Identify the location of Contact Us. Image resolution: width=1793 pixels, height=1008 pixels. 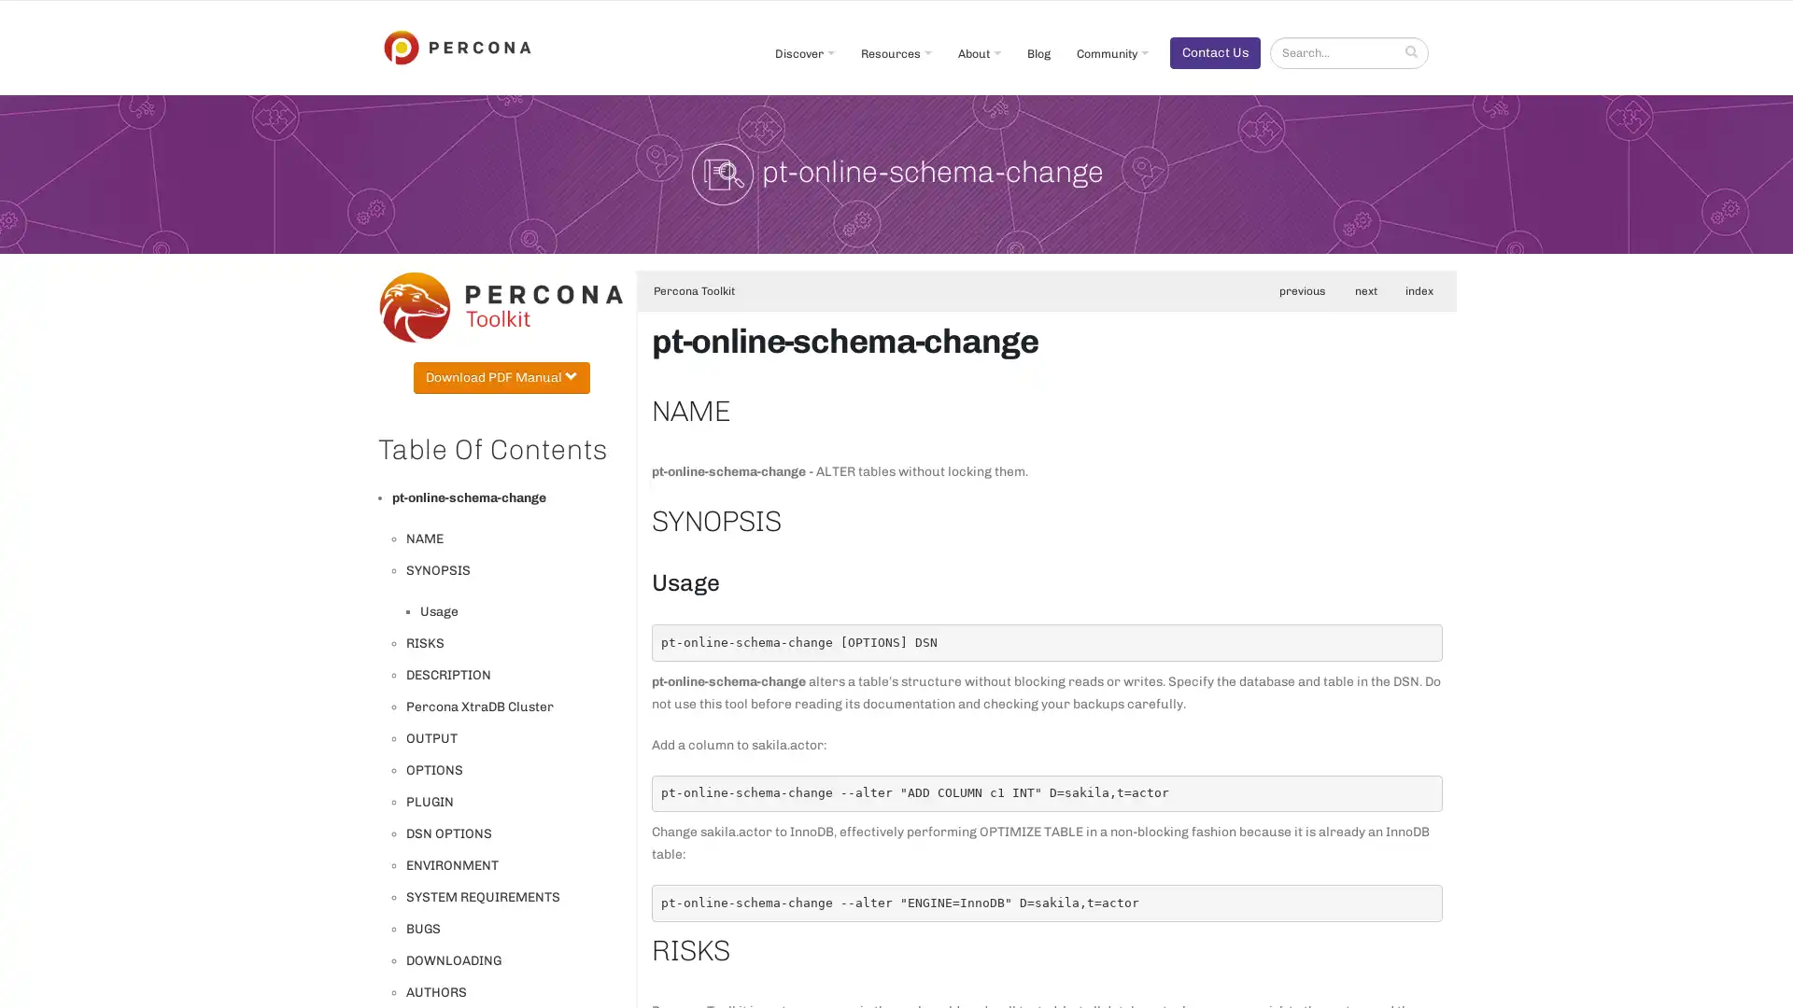
(1215, 51).